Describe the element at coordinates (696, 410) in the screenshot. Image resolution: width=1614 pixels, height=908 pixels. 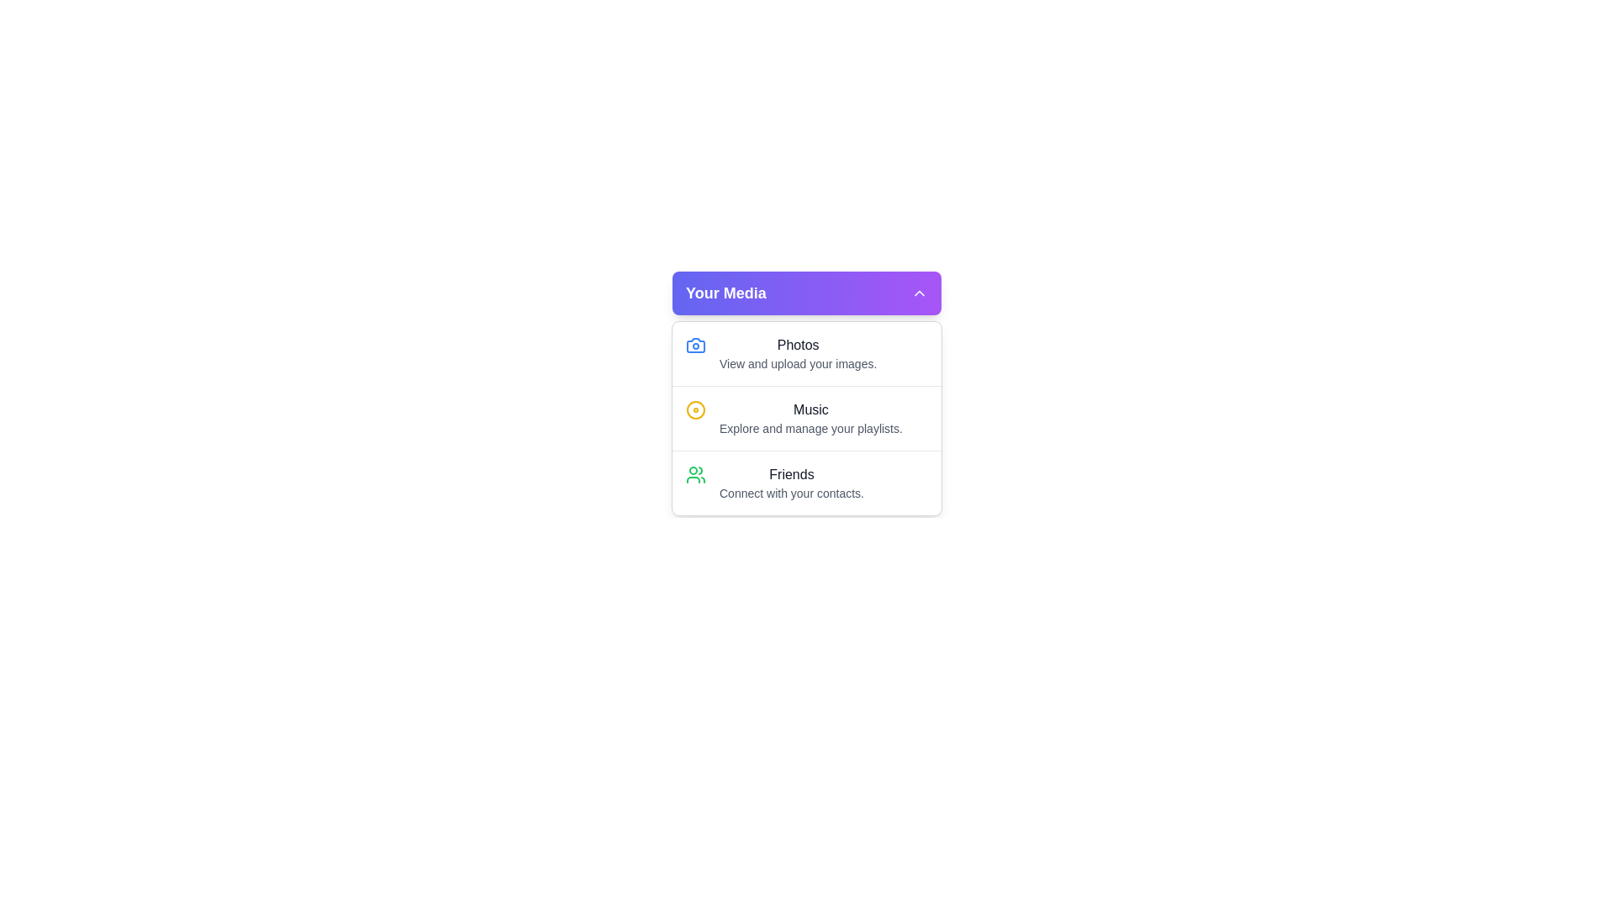
I see `the Music icon located at the start of the second entry under the header 'Your Media', which visually represents the Music functionality` at that location.